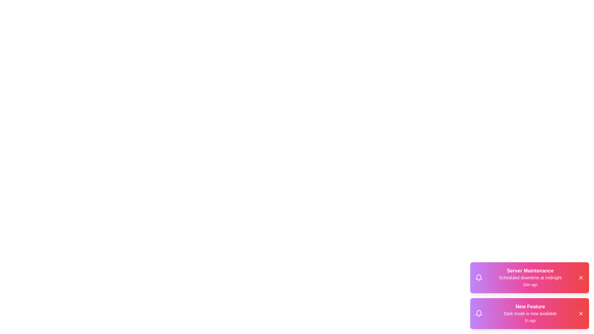 The width and height of the screenshot is (594, 334). What do you see at coordinates (479, 277) in the screenshot?
I see `the notification icon for Server Maintenance` at bounding box center [479, 277].